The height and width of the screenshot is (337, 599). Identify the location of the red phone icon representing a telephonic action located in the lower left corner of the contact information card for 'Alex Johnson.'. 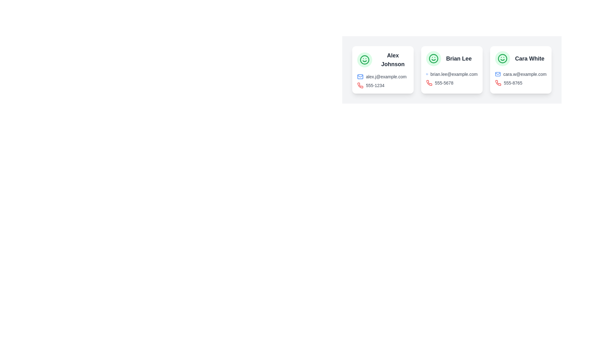
(360, 85).